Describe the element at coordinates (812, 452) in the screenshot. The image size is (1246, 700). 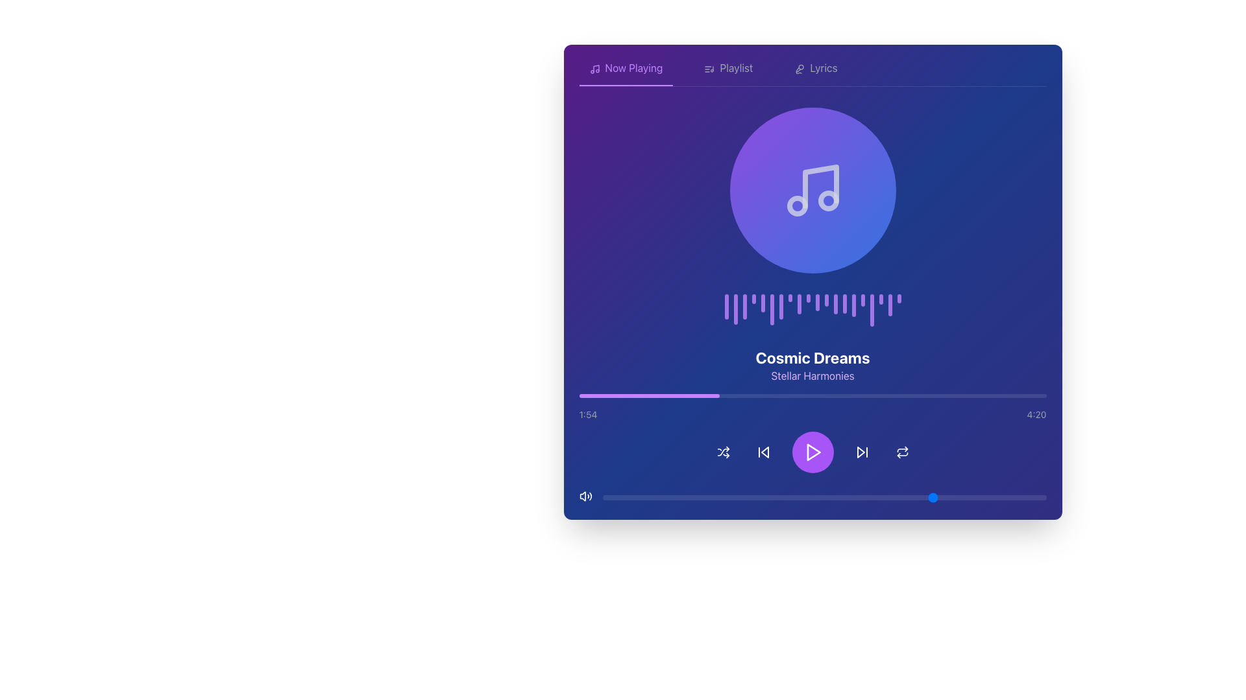
I see `the primary playback button located centrally within the control section below the track details and progress bar` at that location.